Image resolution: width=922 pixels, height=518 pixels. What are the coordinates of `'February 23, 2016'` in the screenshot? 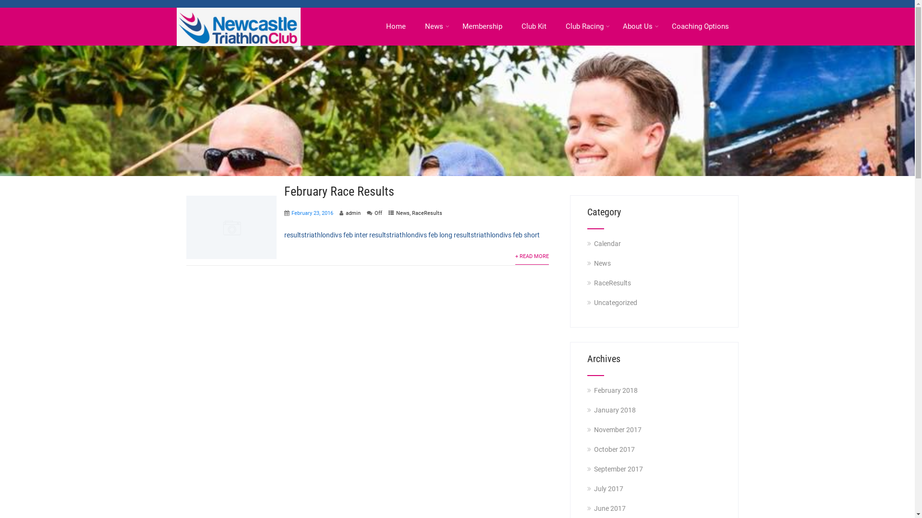 It's located at (312, 212).